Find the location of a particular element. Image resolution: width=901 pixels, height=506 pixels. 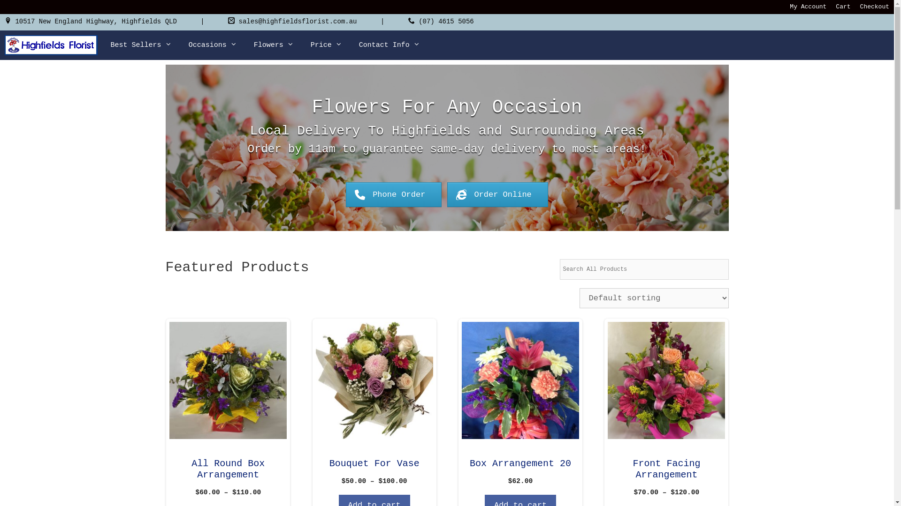

'Cart' is located at coordinates (843, 7).